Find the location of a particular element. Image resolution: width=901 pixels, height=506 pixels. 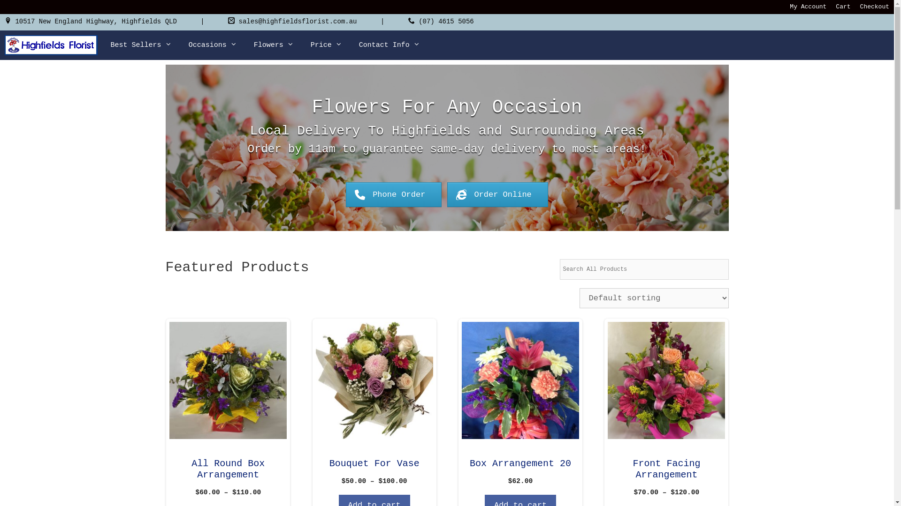

'Cart' is located at coordinates (843, 7).